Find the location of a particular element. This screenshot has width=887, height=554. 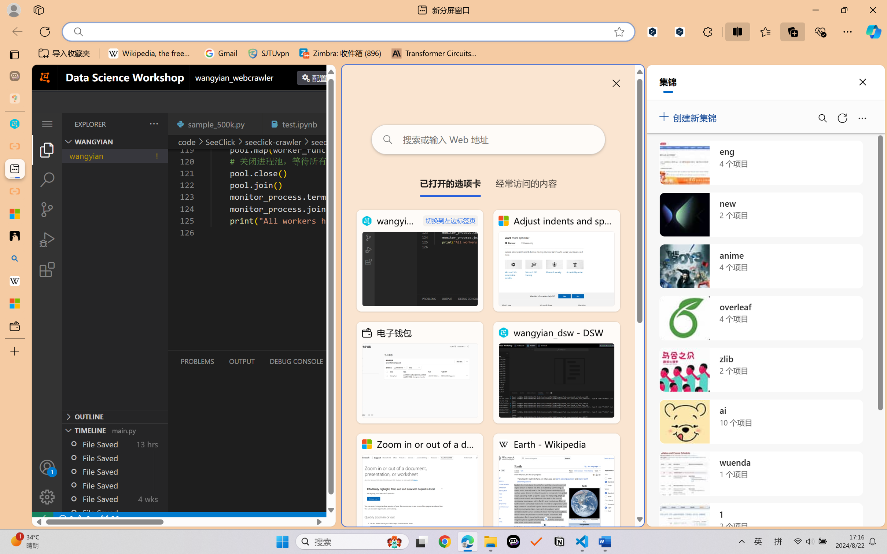

'Wikipedia, the free encyclopedia' is located at coordinates (151, 53).